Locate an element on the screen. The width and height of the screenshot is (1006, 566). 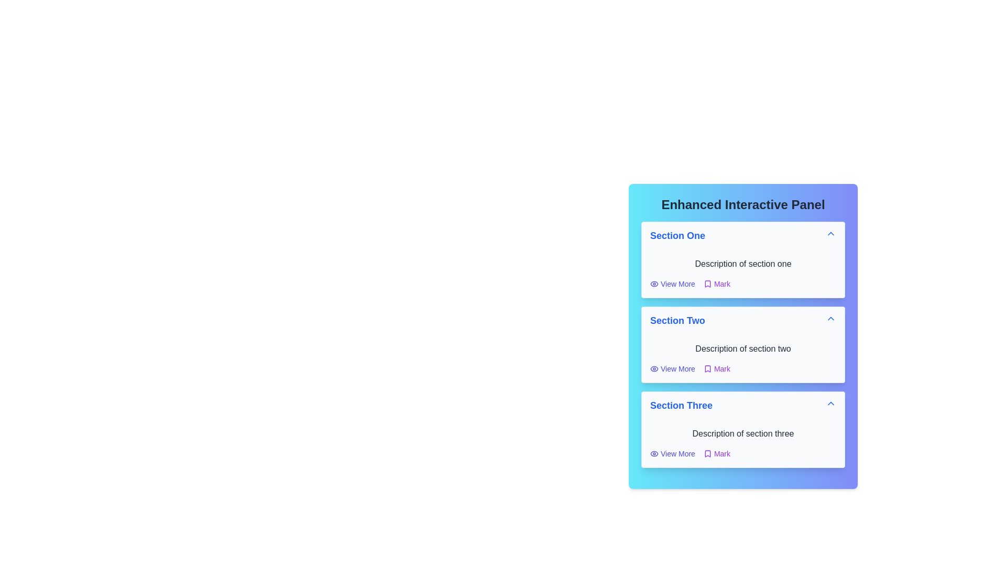
the visual state of the bookmark-shaped icon located in 'Section Three' of the 'Enhanced Interactive Panel', next to the 'View More' text is located at coordinates (707, 453).